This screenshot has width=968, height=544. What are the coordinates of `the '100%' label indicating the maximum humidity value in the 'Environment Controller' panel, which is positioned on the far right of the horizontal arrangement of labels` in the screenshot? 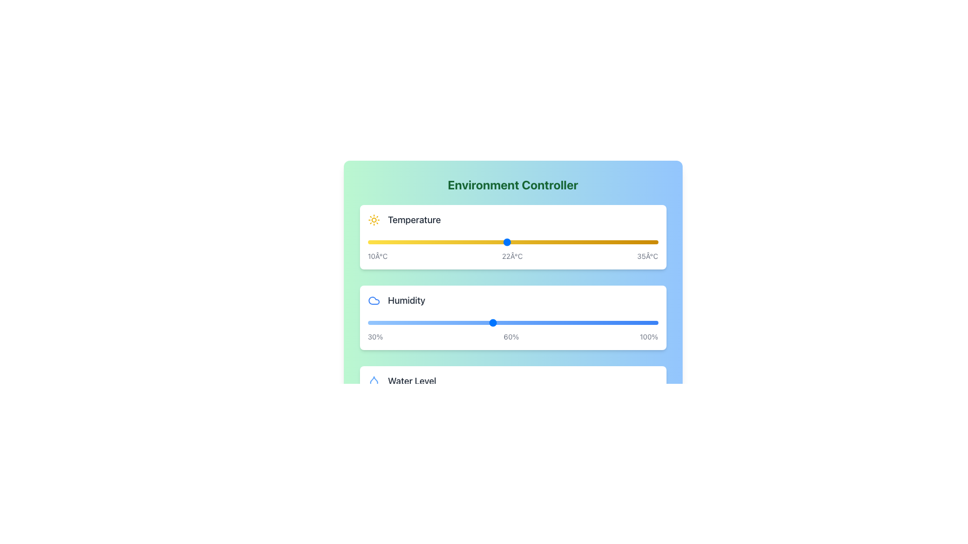 It's located at (648, 336).